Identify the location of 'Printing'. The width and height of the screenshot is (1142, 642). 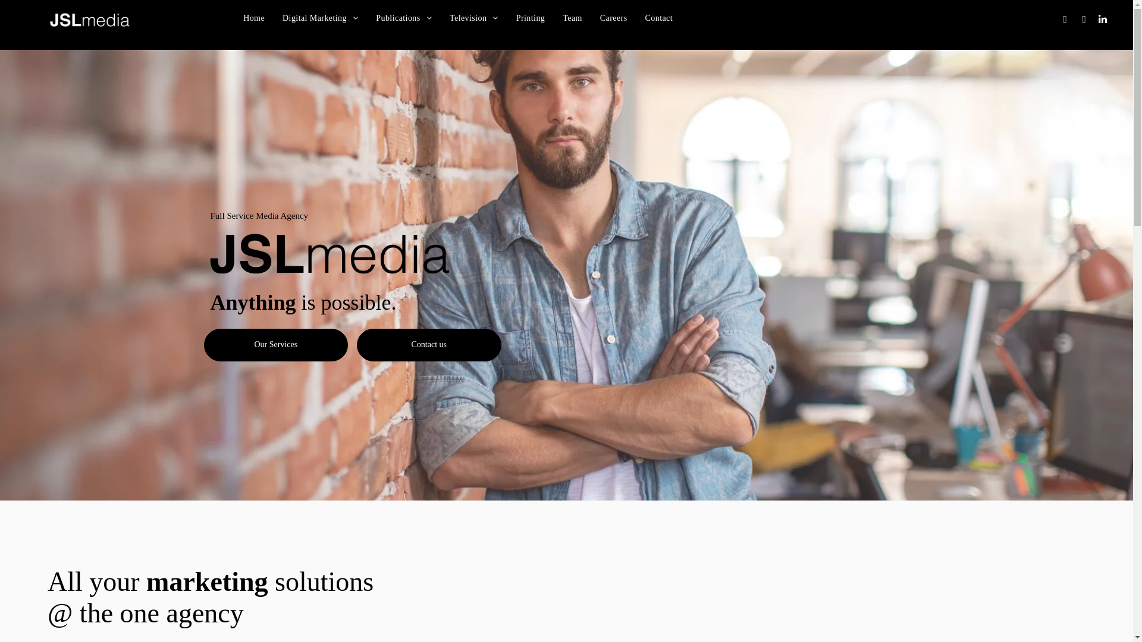
(530, 18).